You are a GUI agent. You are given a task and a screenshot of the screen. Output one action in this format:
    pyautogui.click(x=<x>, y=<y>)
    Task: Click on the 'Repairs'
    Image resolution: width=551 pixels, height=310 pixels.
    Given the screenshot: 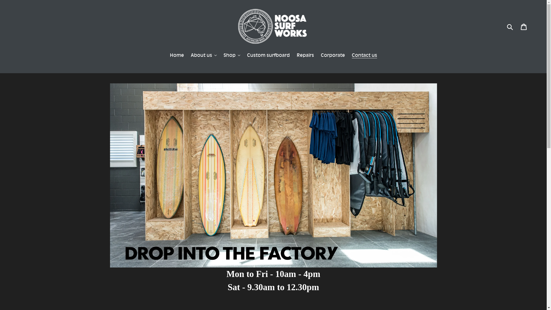 What is the action you would take?
    pyautogui.click(x=294, y=55)
    